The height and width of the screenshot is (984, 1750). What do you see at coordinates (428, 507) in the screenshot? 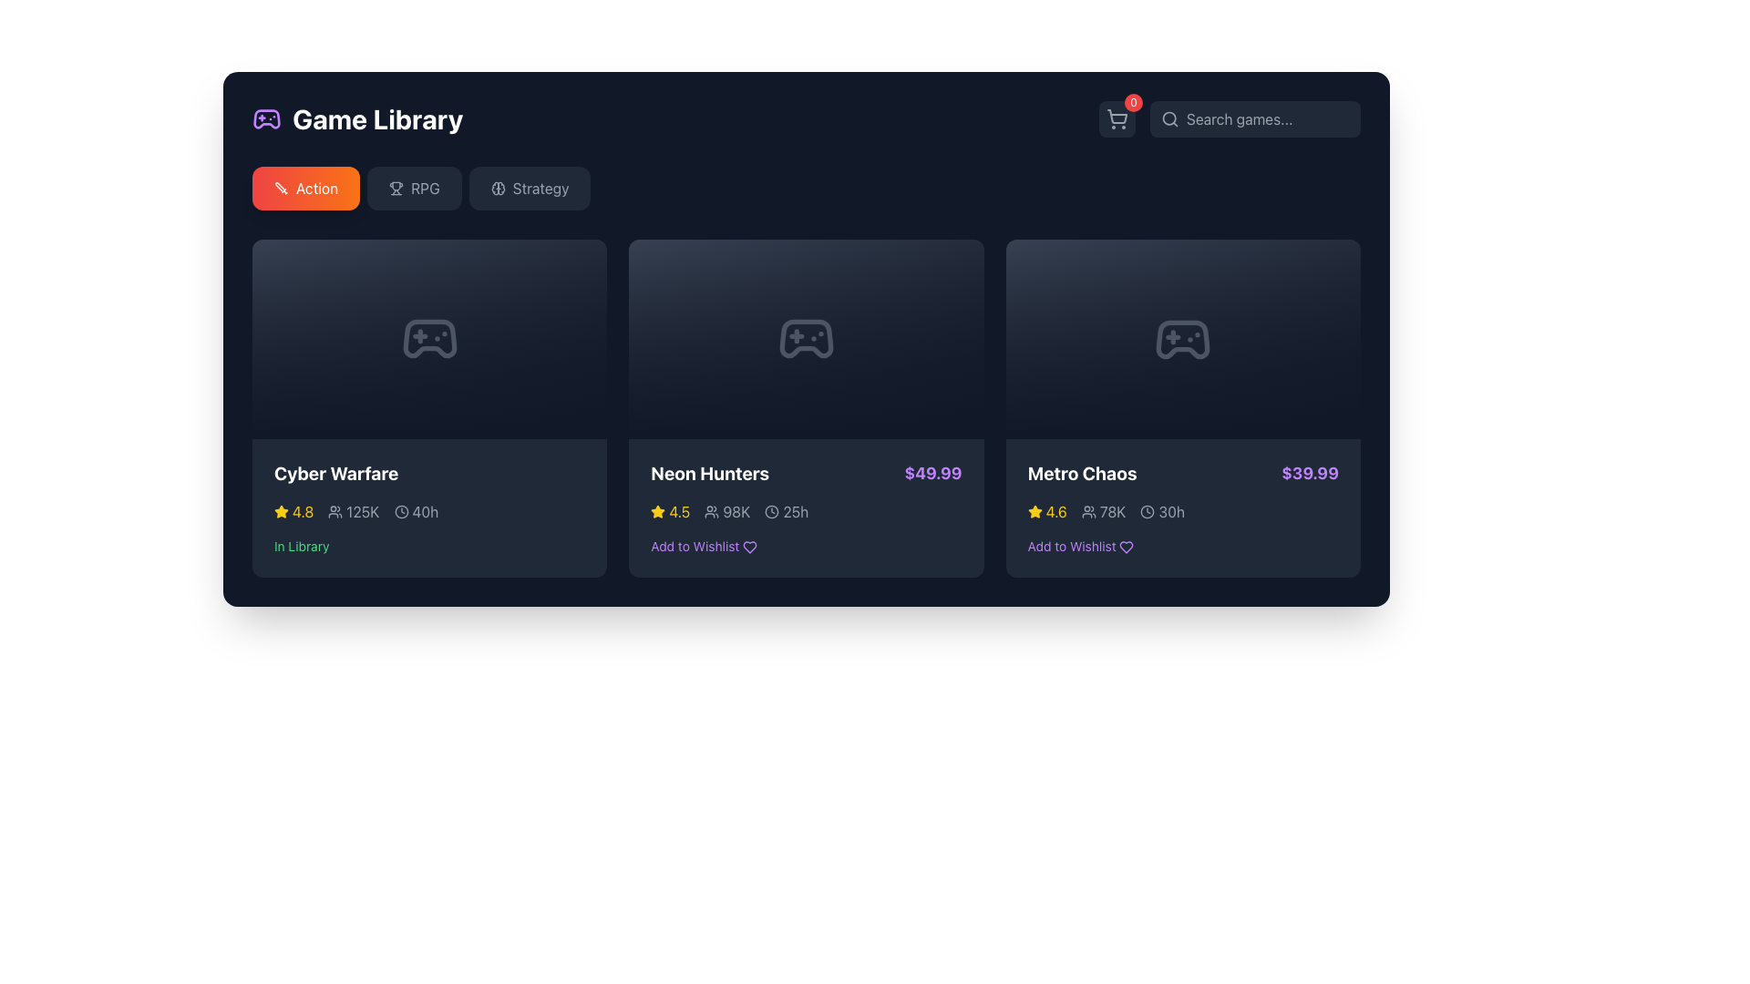
I see `the Information card displaying details for the game 'Cyber Warfare', which includes a rating of 4.8, 125K play counts, a duration of 40 hours, and a status of 'In Library'` at bounding box center [428, 507].